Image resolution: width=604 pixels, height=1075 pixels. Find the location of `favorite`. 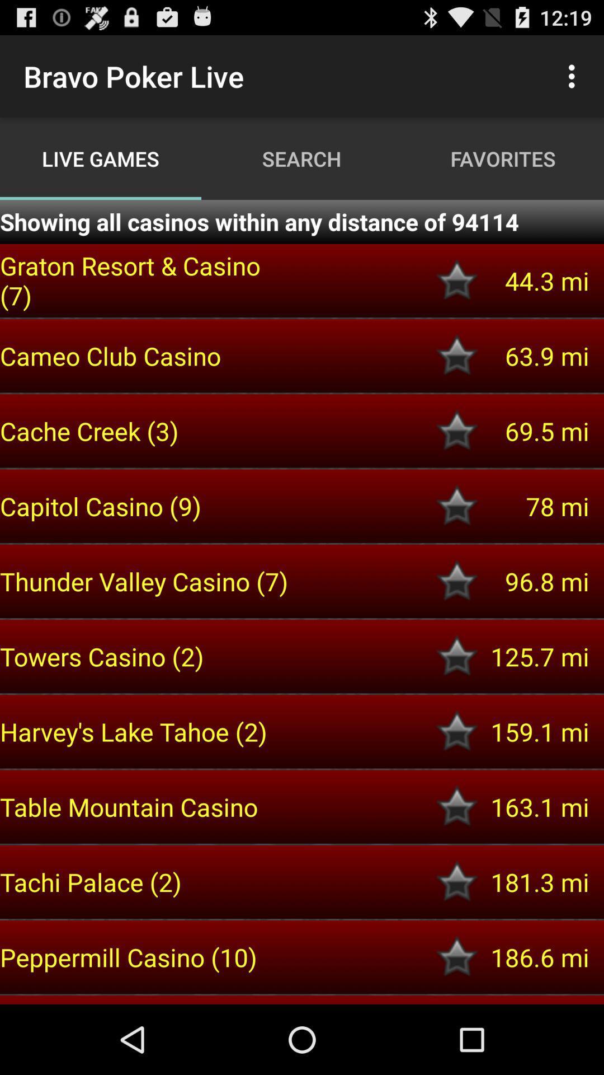

favorite is located at coordinates (457, 956).